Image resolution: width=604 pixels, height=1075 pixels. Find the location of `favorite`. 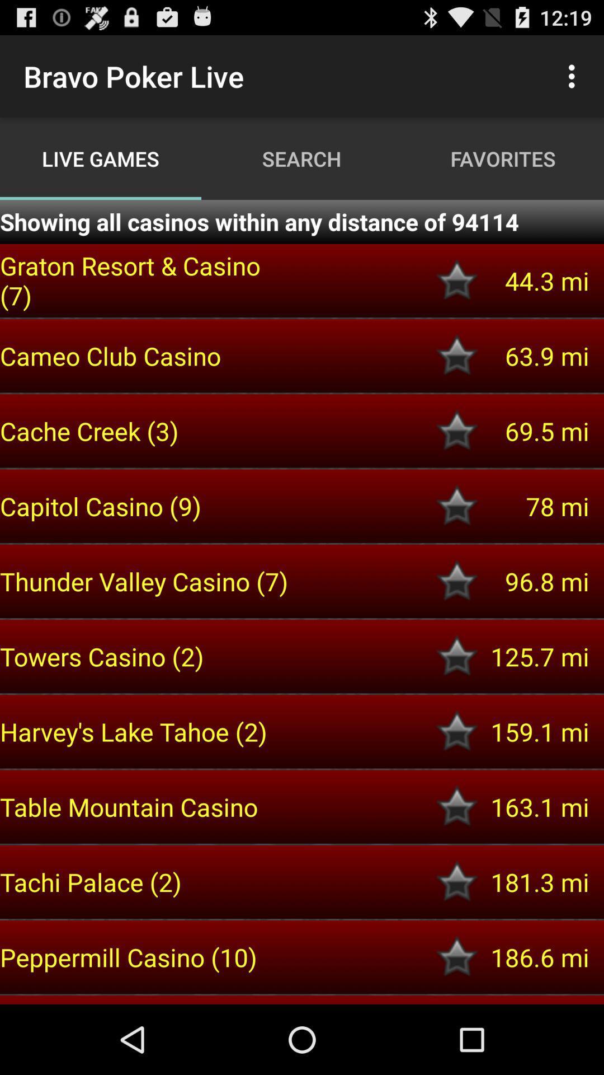

favorite is located at coordinates (457, 956).